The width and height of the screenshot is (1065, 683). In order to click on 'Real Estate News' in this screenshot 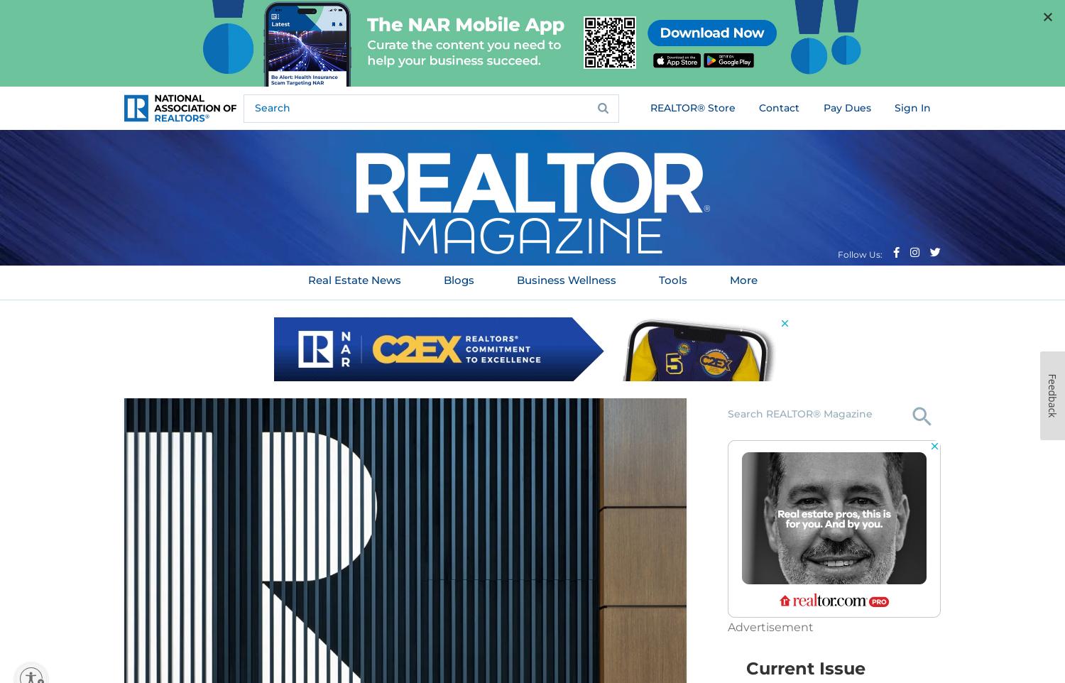, I will do `click(307, 278)`.